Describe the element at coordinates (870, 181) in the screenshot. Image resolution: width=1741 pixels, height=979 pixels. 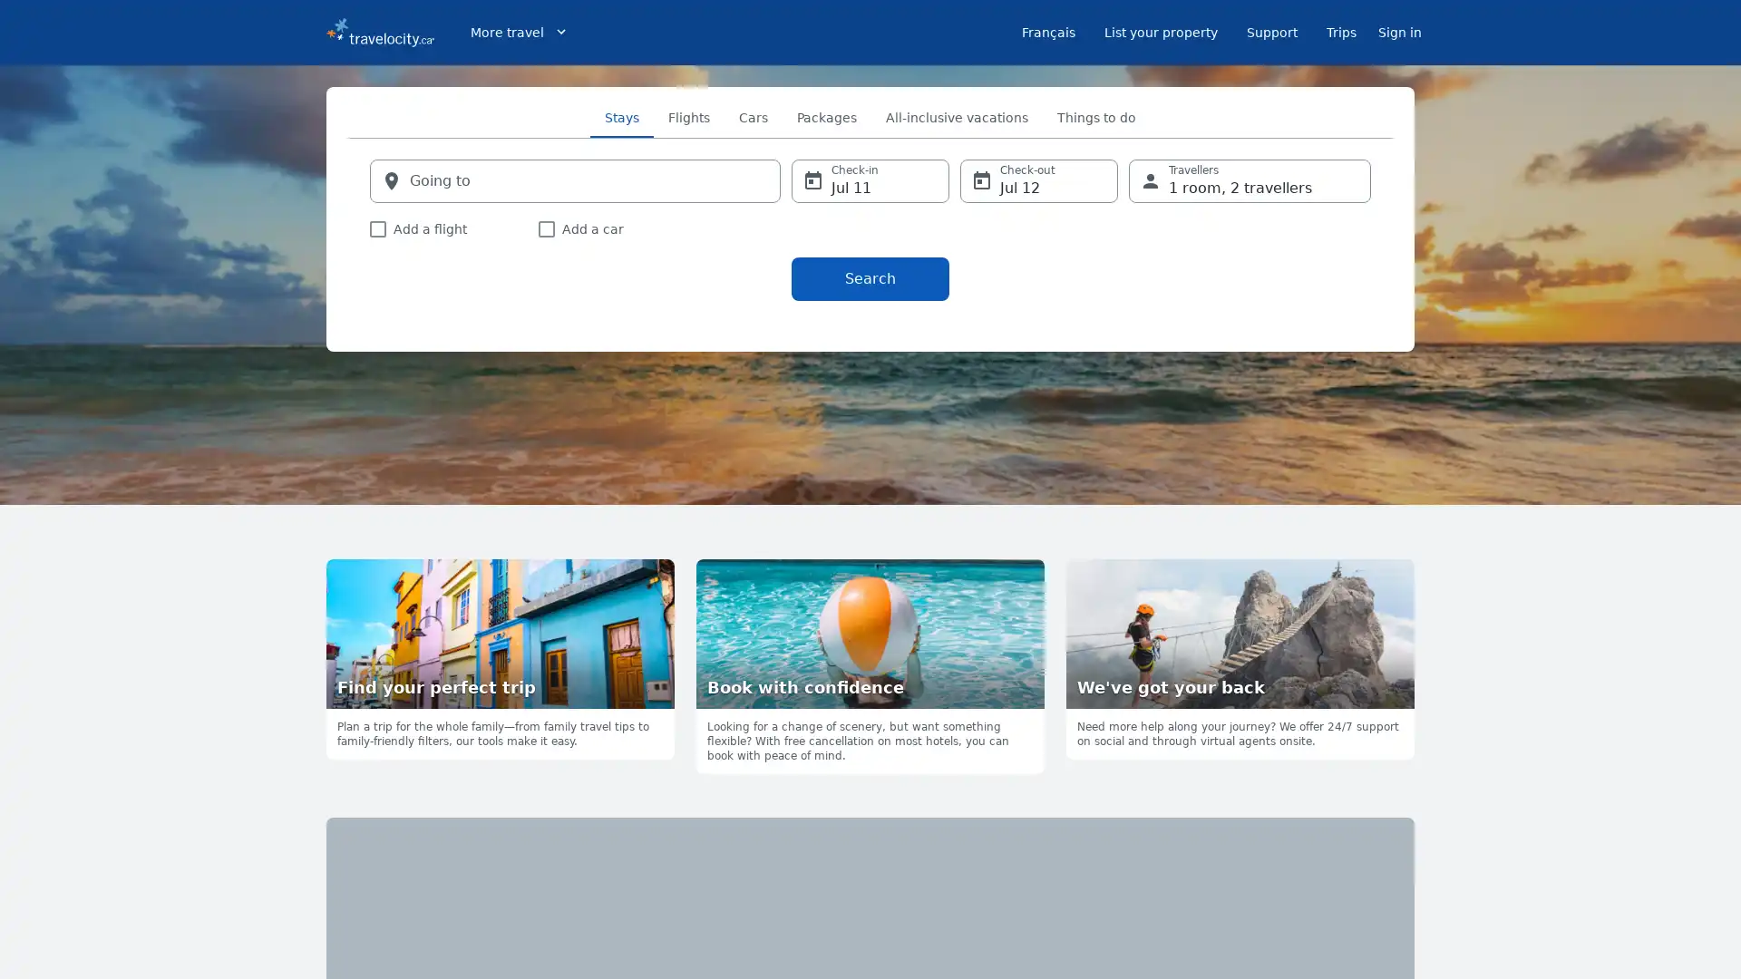
I see `Check-in July 11, 2022` at that location.